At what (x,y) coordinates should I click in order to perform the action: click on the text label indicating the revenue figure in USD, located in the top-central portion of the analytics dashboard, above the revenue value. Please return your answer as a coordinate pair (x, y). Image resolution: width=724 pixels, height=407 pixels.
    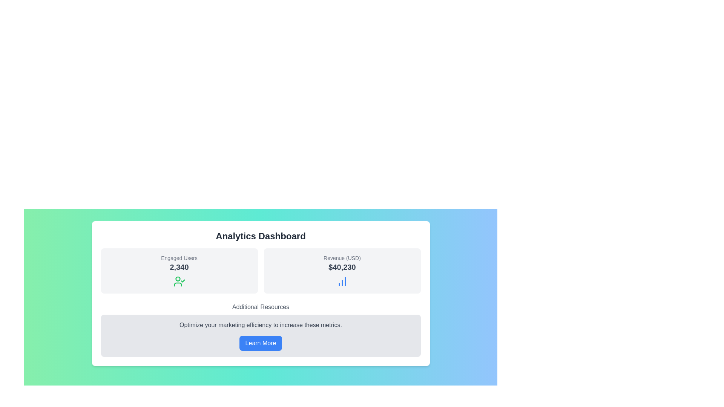
    Looking at the image, I should click on (342, 258).